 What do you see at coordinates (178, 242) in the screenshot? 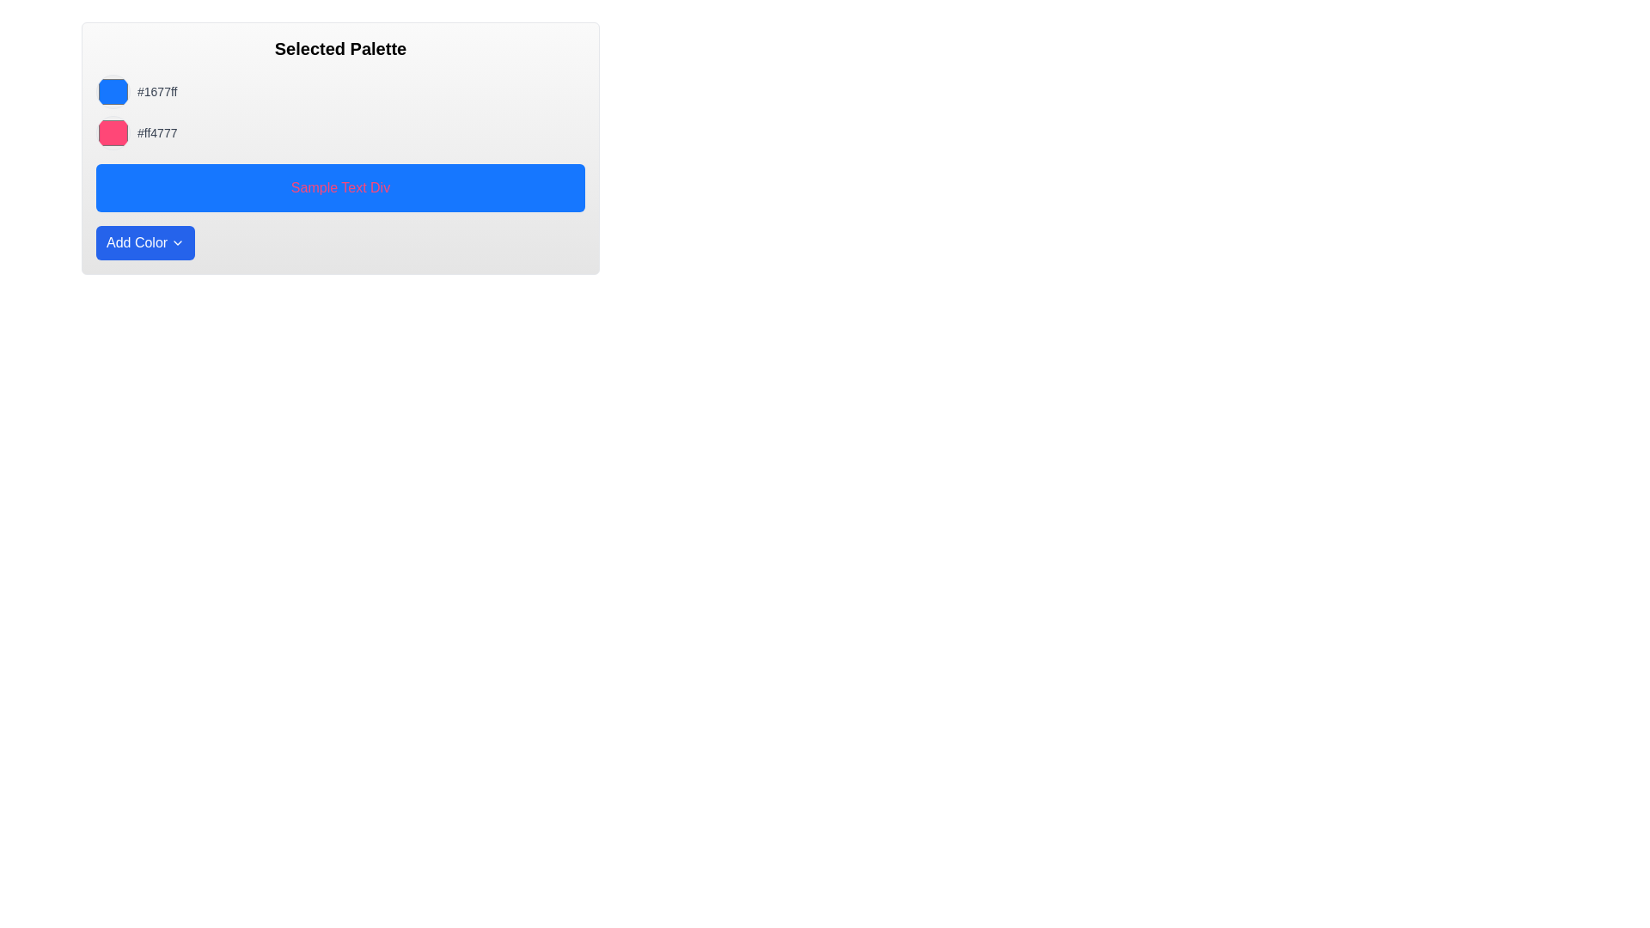
I see `the Dropdown Indicator Icon located on the right-hand side of the 'Add Color' button, which visually indicates the availability of a dropdown menu` at bounding box center [178, 242].